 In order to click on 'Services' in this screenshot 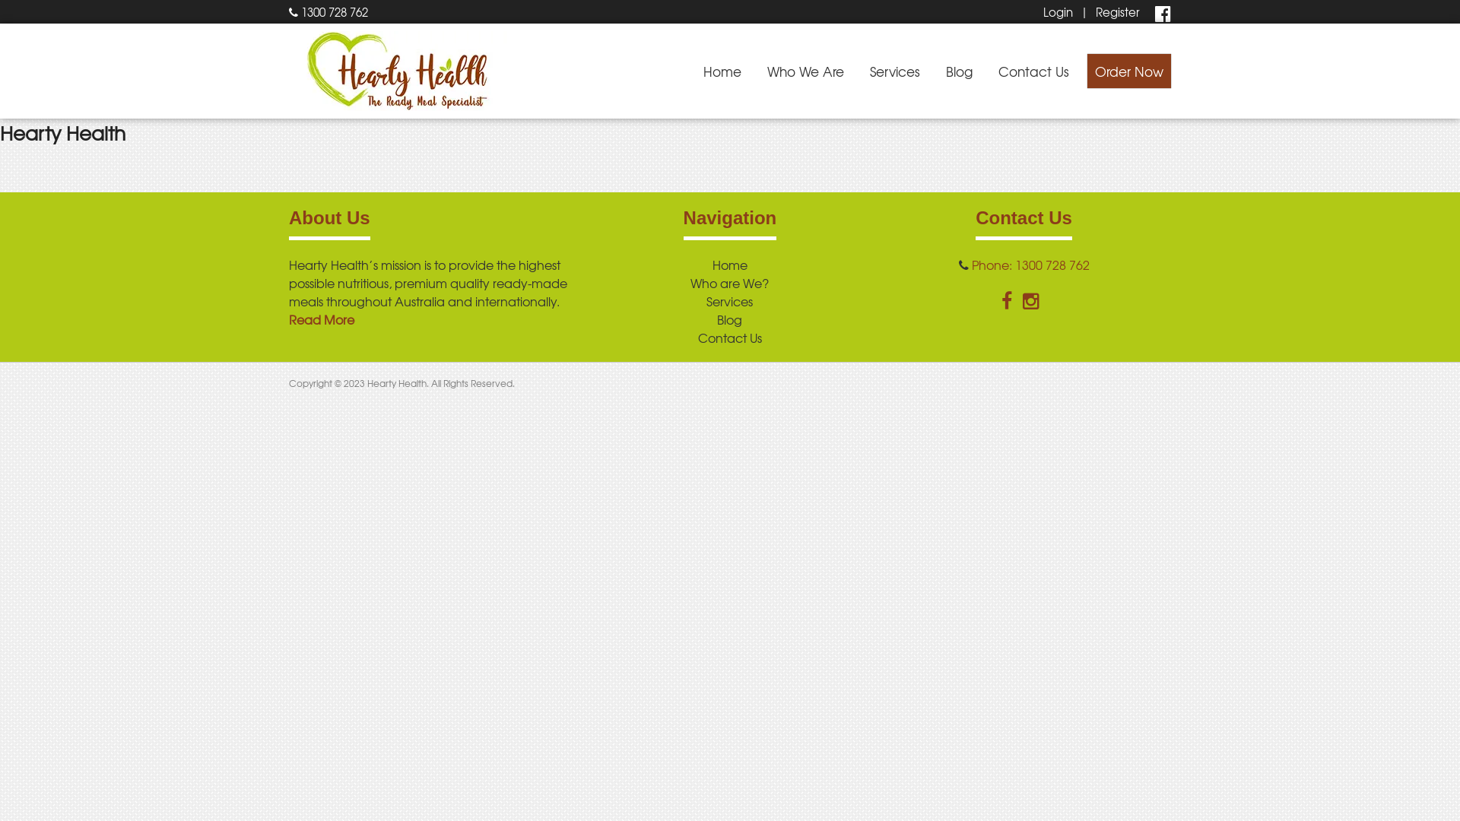, I will do `click(894, 71)`.